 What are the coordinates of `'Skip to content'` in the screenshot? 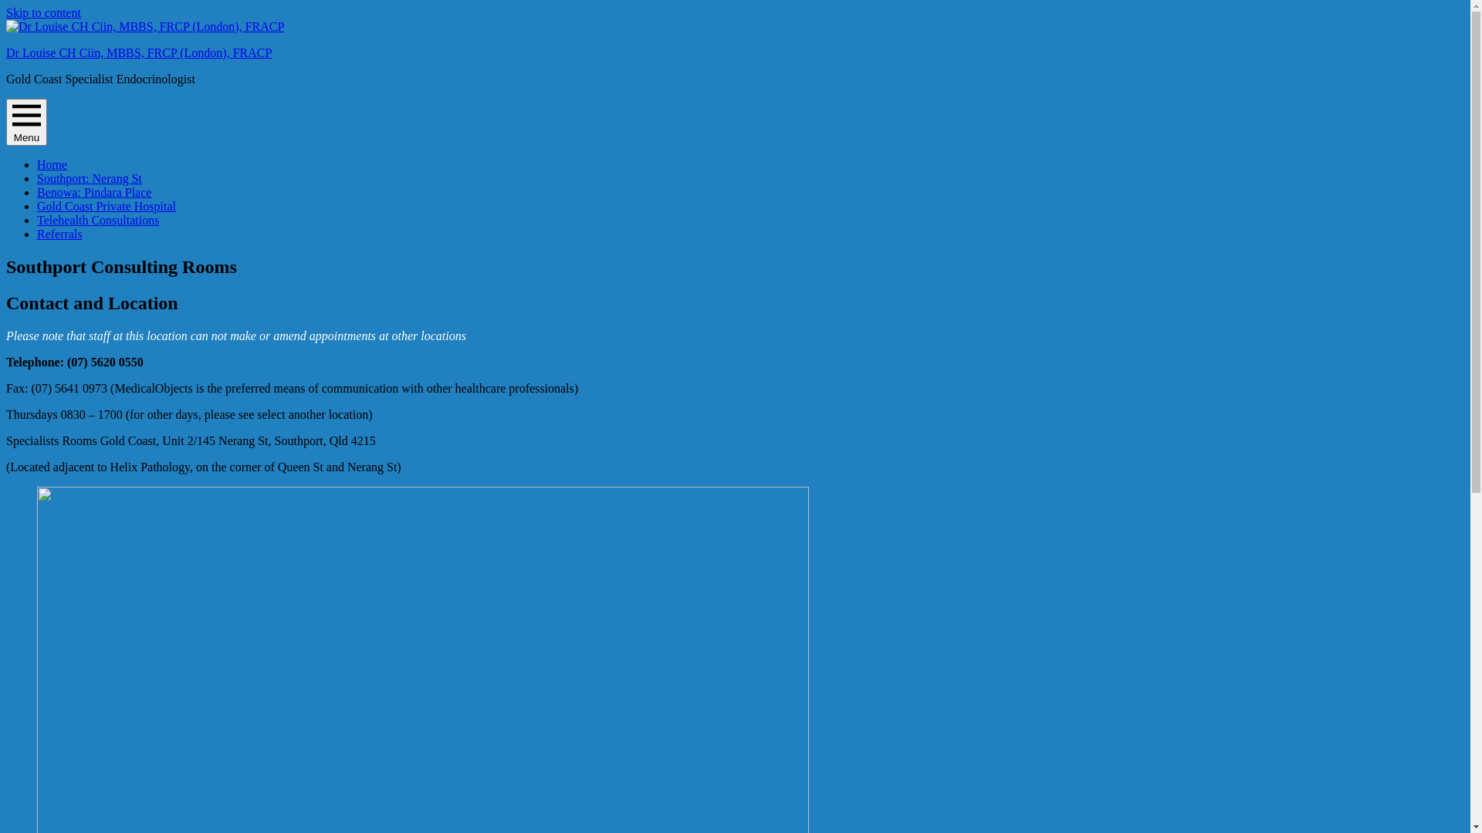 It's located at (43, 12).